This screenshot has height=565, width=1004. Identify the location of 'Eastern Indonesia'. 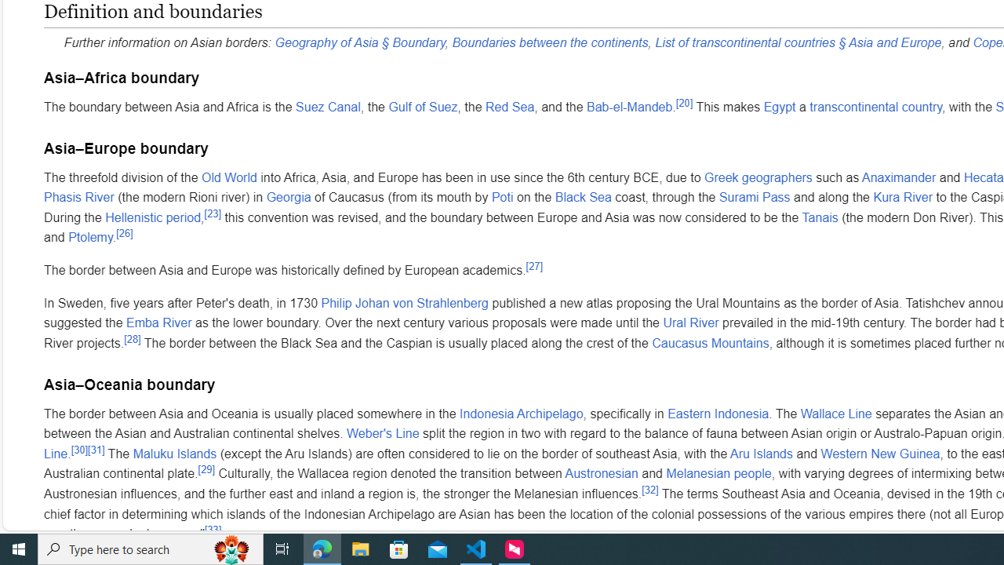
(717, 412).